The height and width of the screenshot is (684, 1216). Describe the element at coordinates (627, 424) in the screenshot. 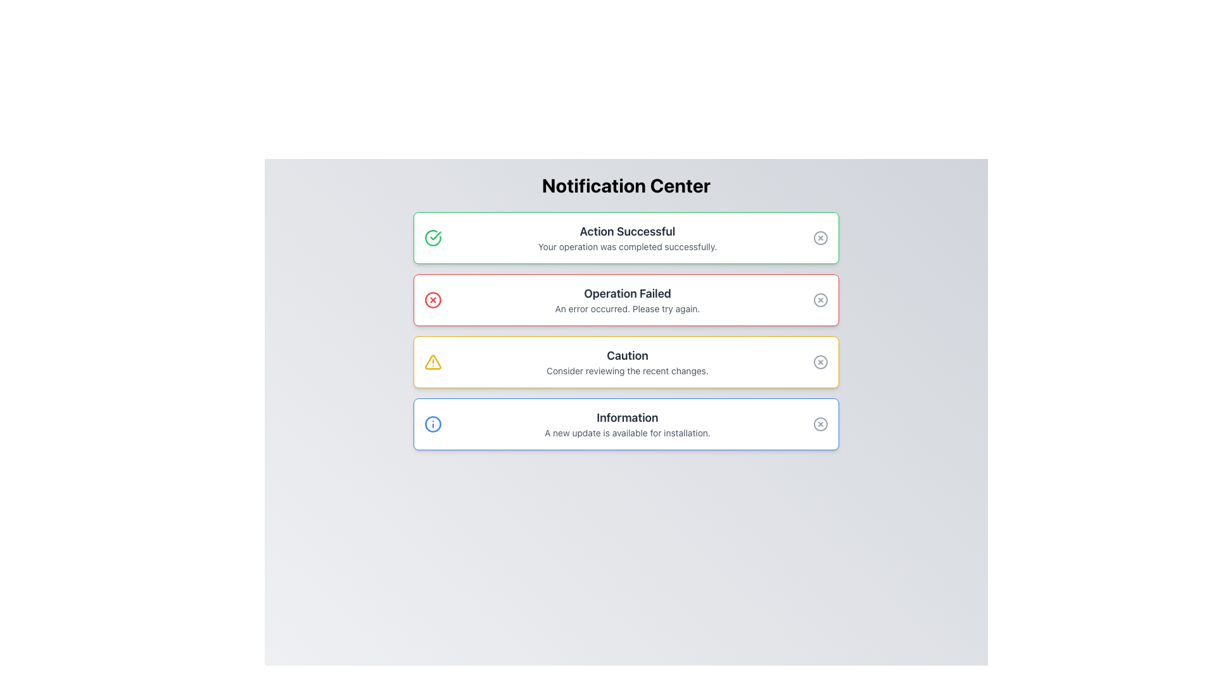

I see `the text block displaying the title 'Information' and description 'A new update is available for installation.' located in the last notification card` at that location.